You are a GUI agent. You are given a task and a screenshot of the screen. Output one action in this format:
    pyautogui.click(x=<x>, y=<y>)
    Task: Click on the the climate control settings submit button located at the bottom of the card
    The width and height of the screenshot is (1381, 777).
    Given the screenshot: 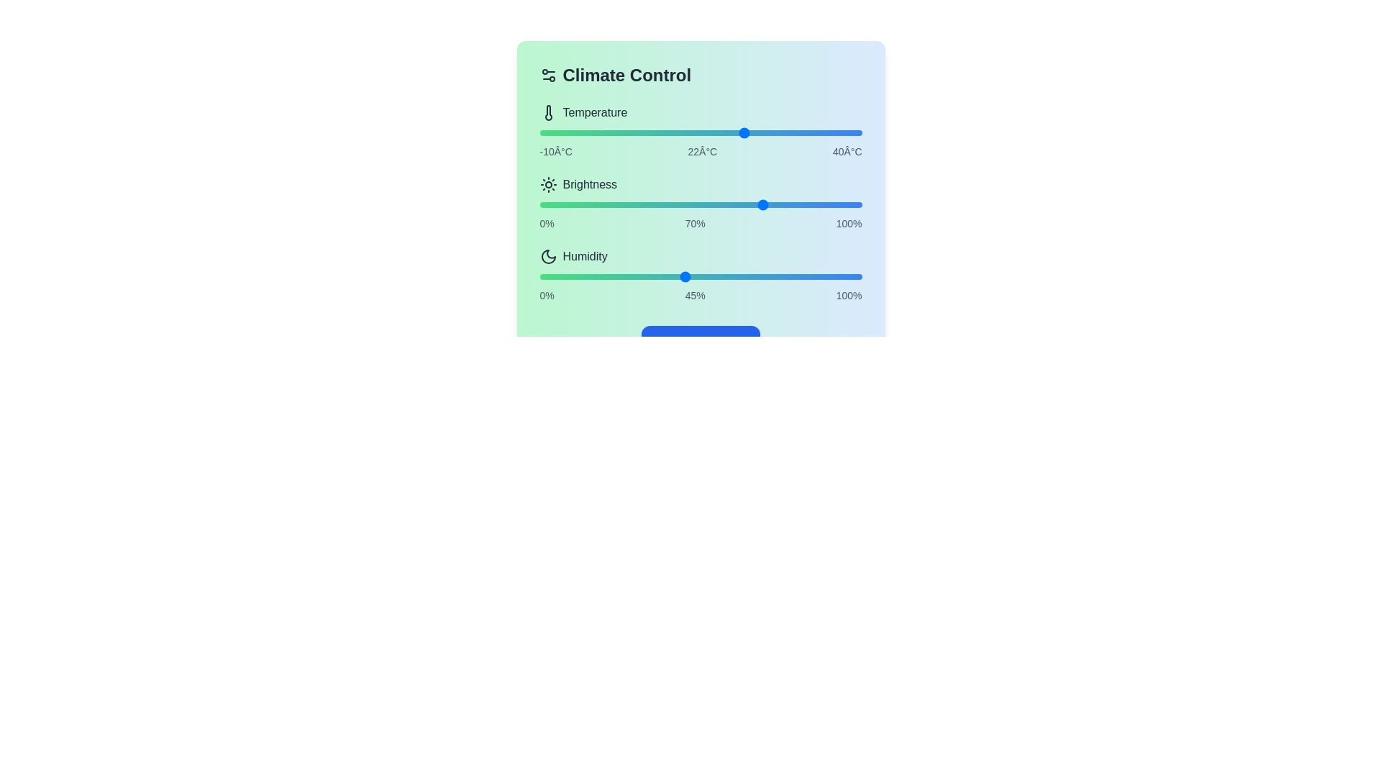 What is the action you would take?
    pyautogui.click(x=701, y=343)
    